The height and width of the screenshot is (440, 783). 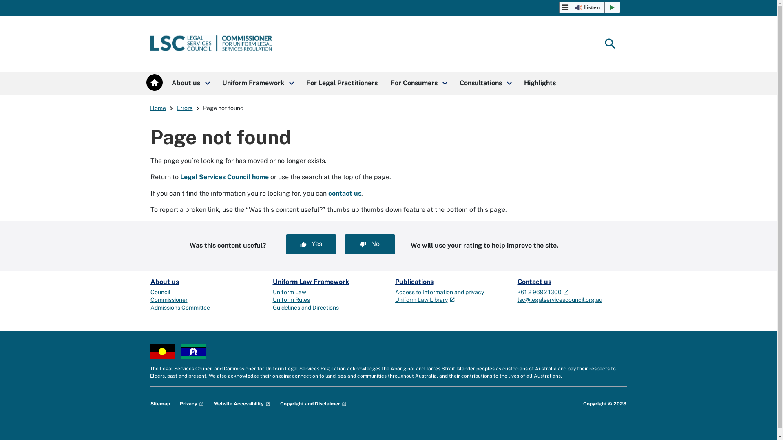 I want to click on 'Admissions Committee', so click(x=179, y=308).